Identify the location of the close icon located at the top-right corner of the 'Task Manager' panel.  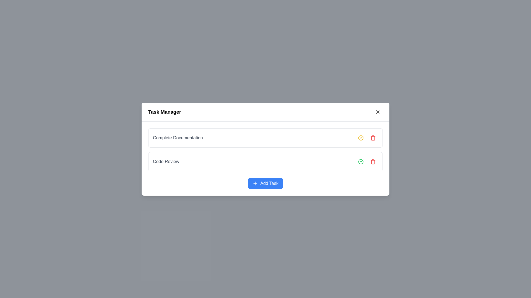
(378, 112).